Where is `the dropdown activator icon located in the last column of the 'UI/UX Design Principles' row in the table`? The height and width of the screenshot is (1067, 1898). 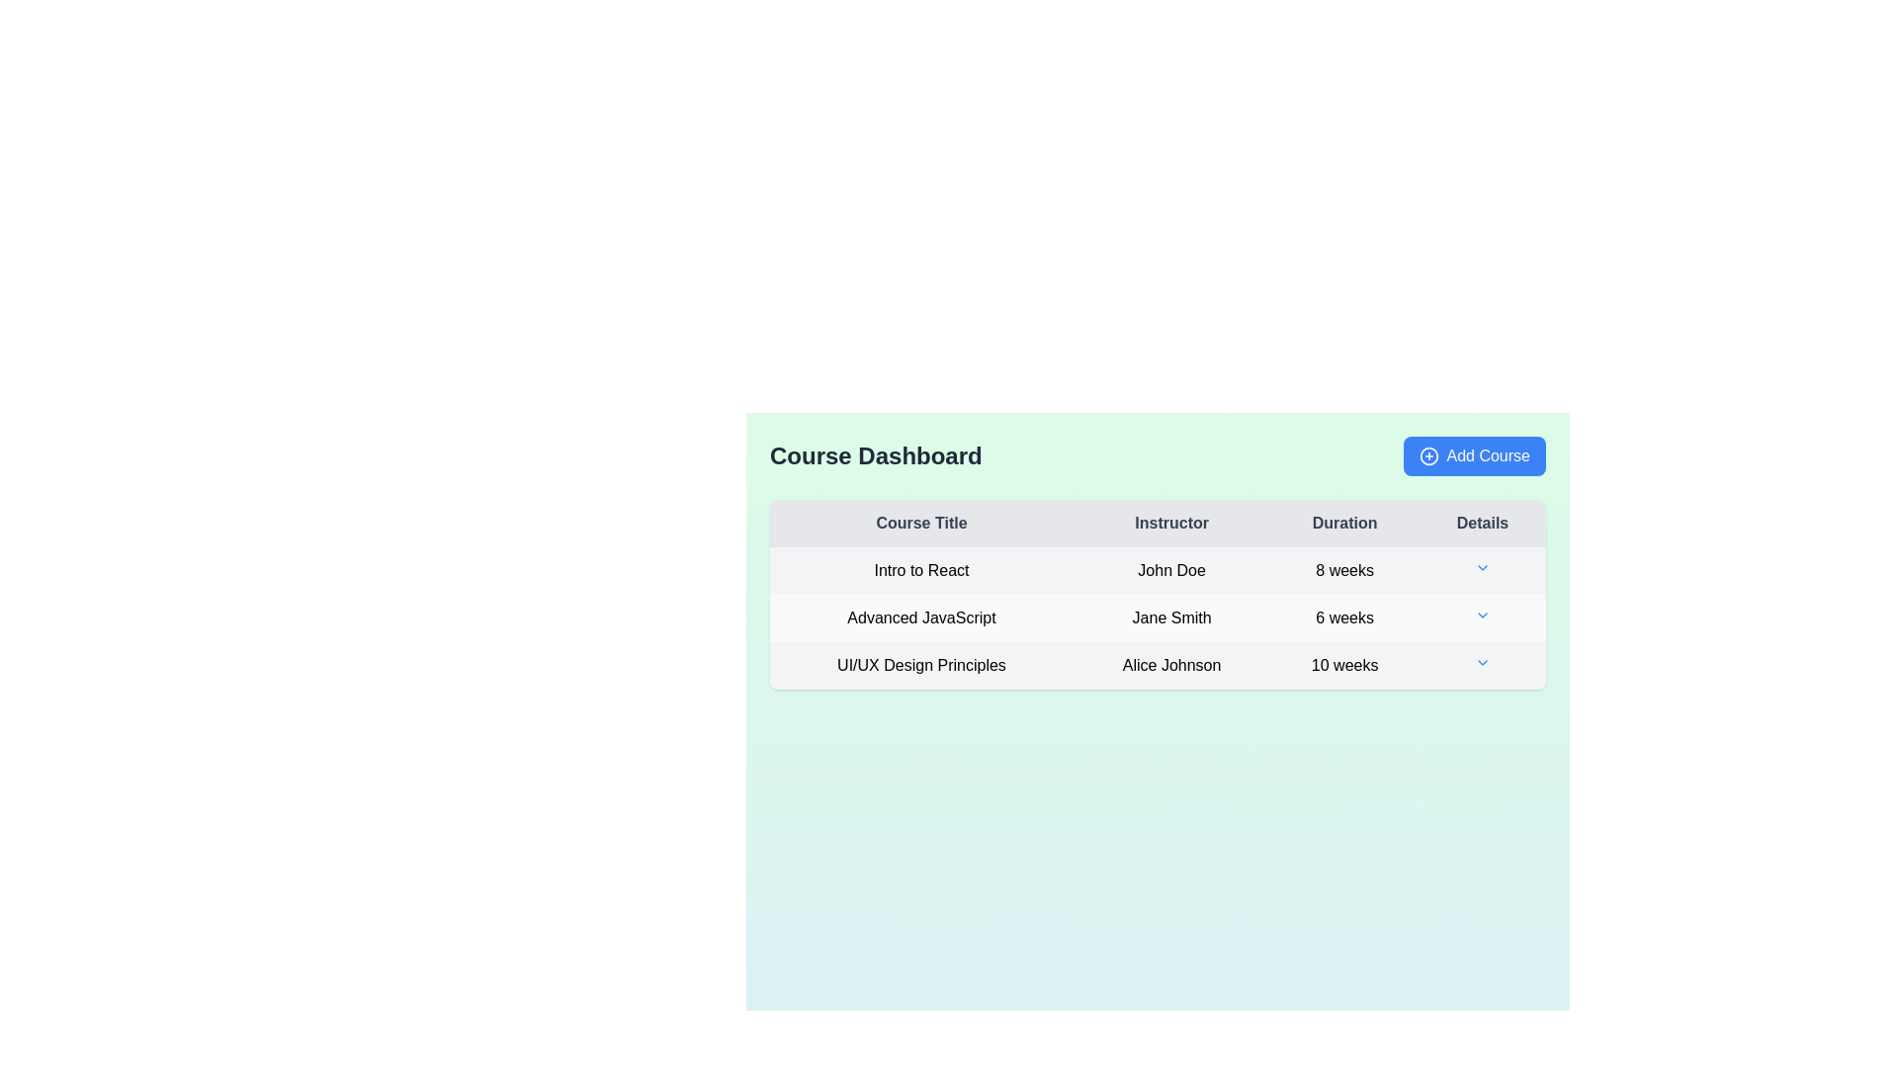
the dropdown activator icon located in the last column of the 'UI/UX Design Principles' row in the table is located at coordinates (1483, 666).